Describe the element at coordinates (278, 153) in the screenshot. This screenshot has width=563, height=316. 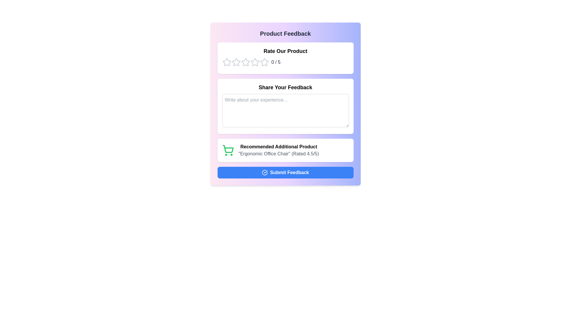
I see `text label that provides the name and rating of a recommended additional product, located directly below the 'Recommended Additional Product' text` at that location.